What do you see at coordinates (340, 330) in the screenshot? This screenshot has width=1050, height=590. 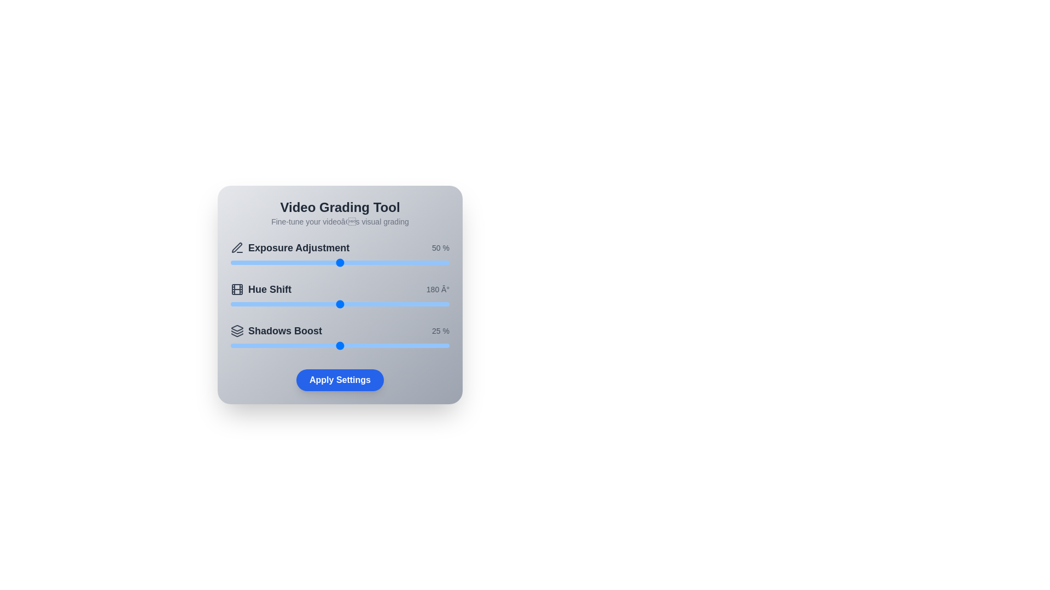 I see `the 'Shadows Boost' label element, which displays the text 'Shadows Boost' on the left and '25%' on the right, located between 'Hue Shift' above and a horizontal slider control below` at bounding box center [340, 330].